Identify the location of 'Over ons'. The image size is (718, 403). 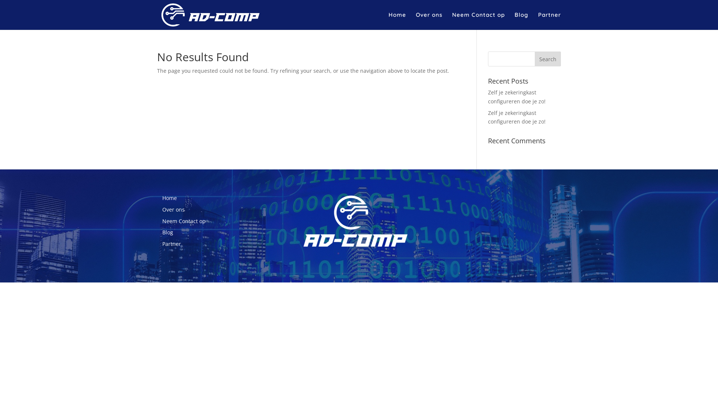
(162, 209).